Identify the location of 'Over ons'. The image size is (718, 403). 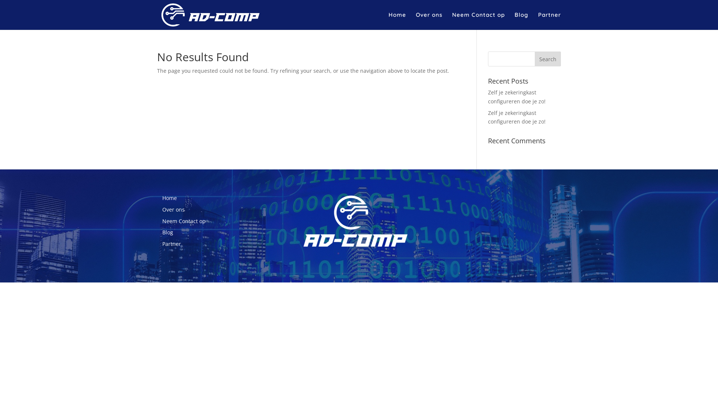
(162, 209).